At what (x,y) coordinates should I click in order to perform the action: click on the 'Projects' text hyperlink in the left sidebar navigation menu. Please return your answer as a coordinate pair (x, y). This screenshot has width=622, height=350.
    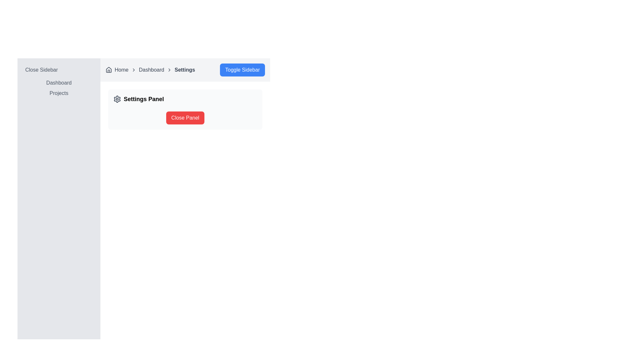
    Looking at the image, I should click on (59, 93).